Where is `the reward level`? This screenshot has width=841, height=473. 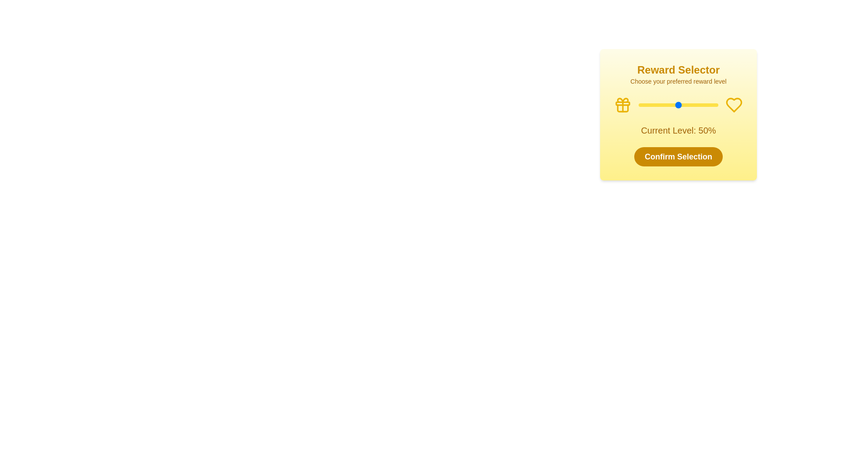 the reward level is located at coordinates (651, 104).